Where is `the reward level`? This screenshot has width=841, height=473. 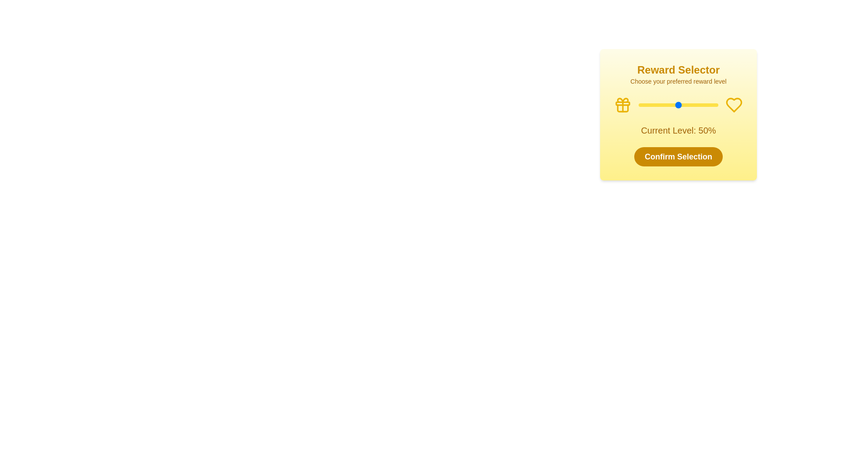 the reward level is located at coordinates (651, 104).